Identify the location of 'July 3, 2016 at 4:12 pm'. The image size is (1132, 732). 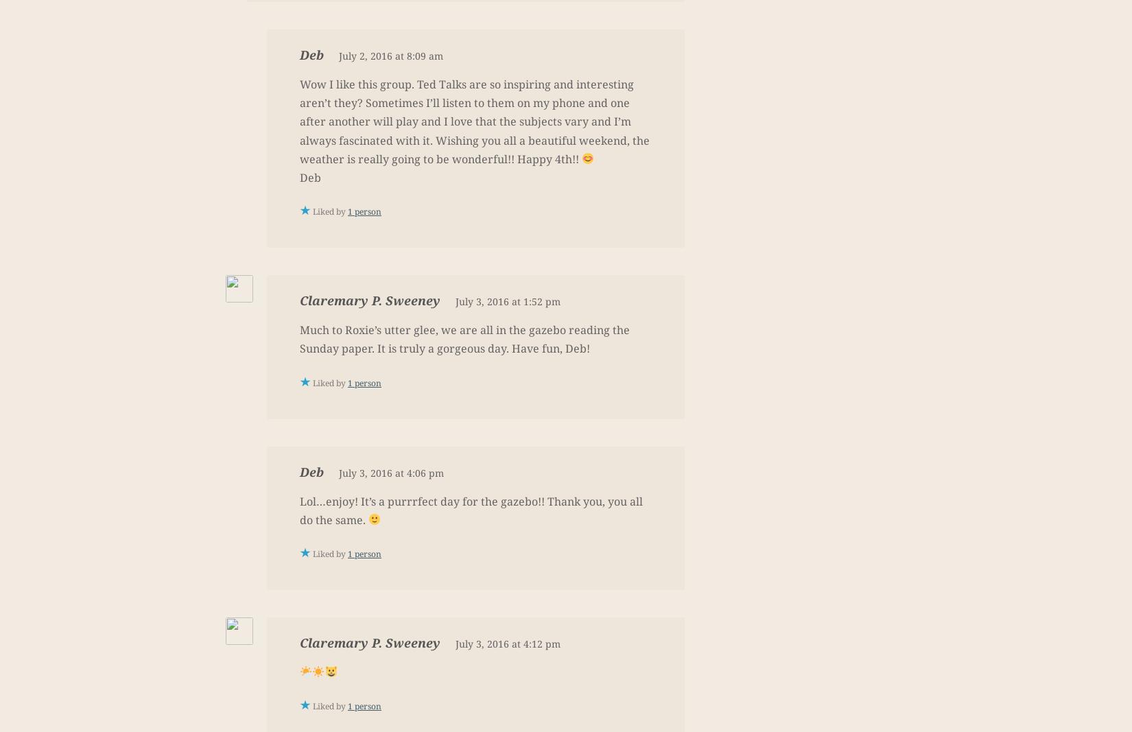
(507, 643).